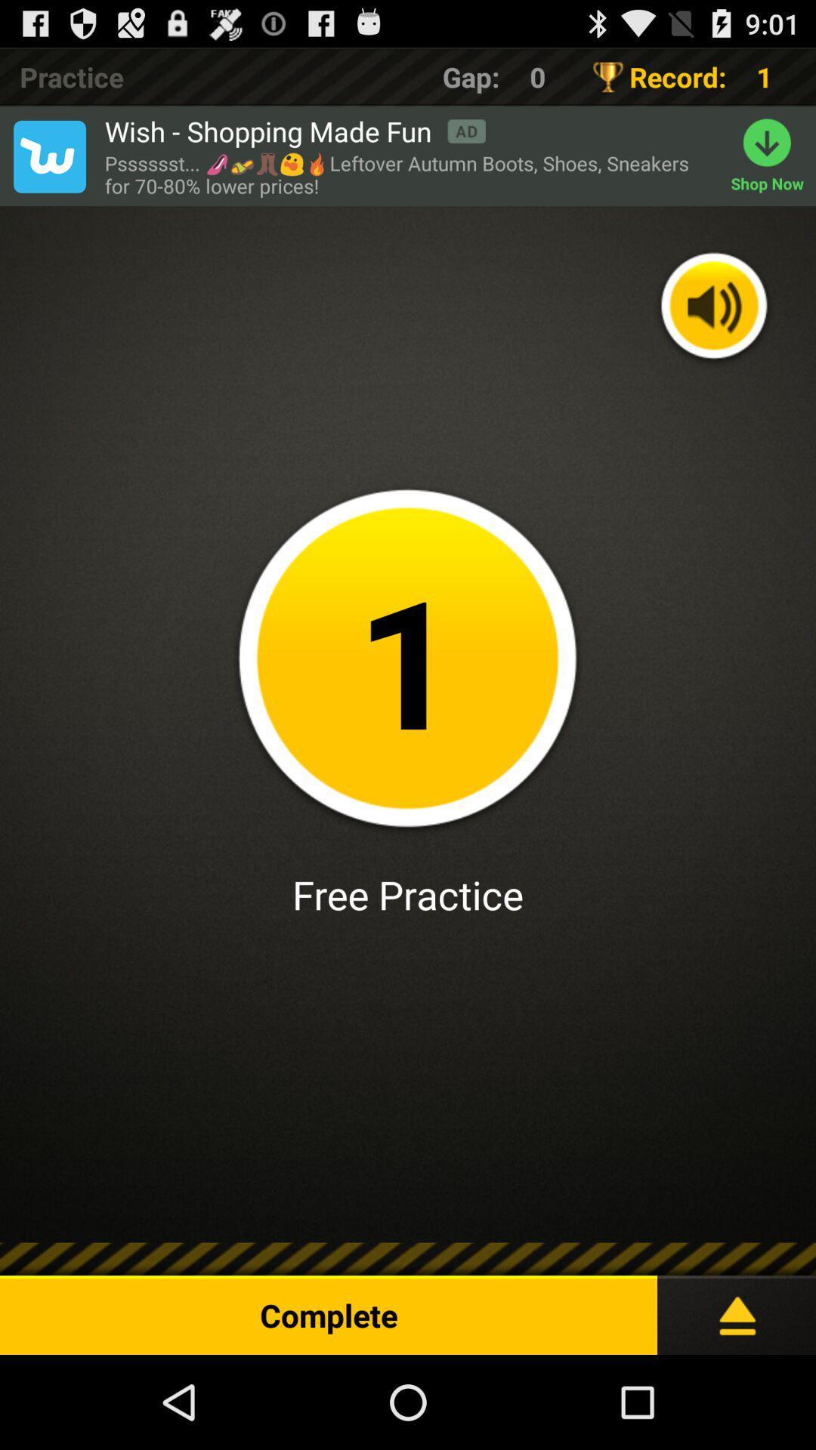 This screenshot has width=816, height=1450. What do you see at coordinates (48, 156) in the screenshot?
I see `logo` at bounding box center [48, 156].